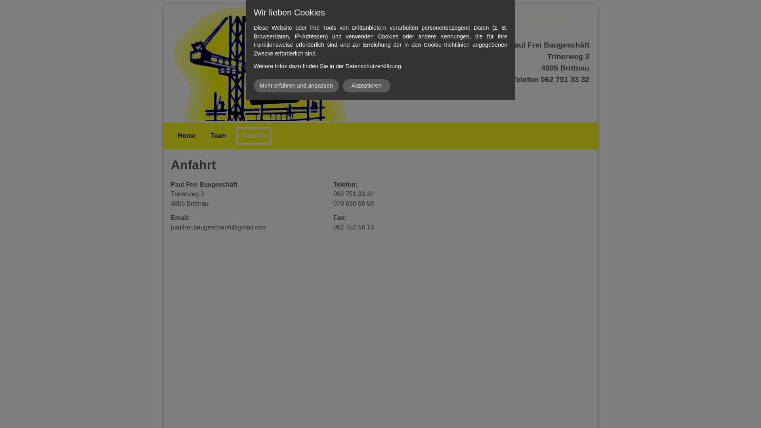 This screenshot has width=761, height=428. I want to click on 'Akzeptieren', so click(366, 86).